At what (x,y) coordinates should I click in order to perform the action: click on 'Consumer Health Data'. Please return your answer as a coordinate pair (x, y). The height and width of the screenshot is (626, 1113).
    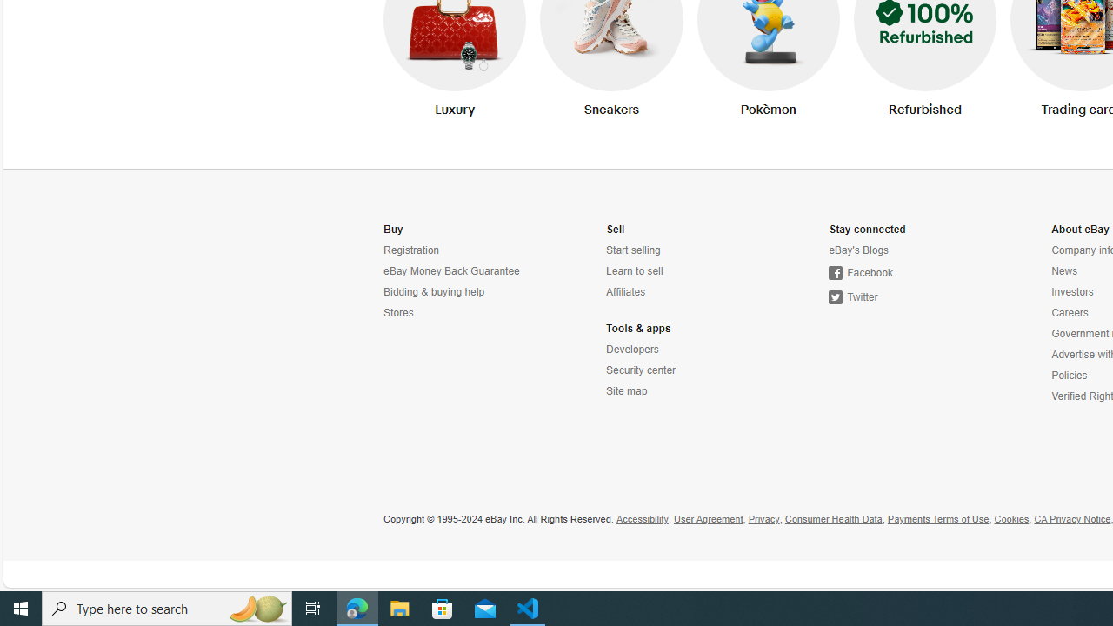
    Looking at the image, I should click on (832, 518).